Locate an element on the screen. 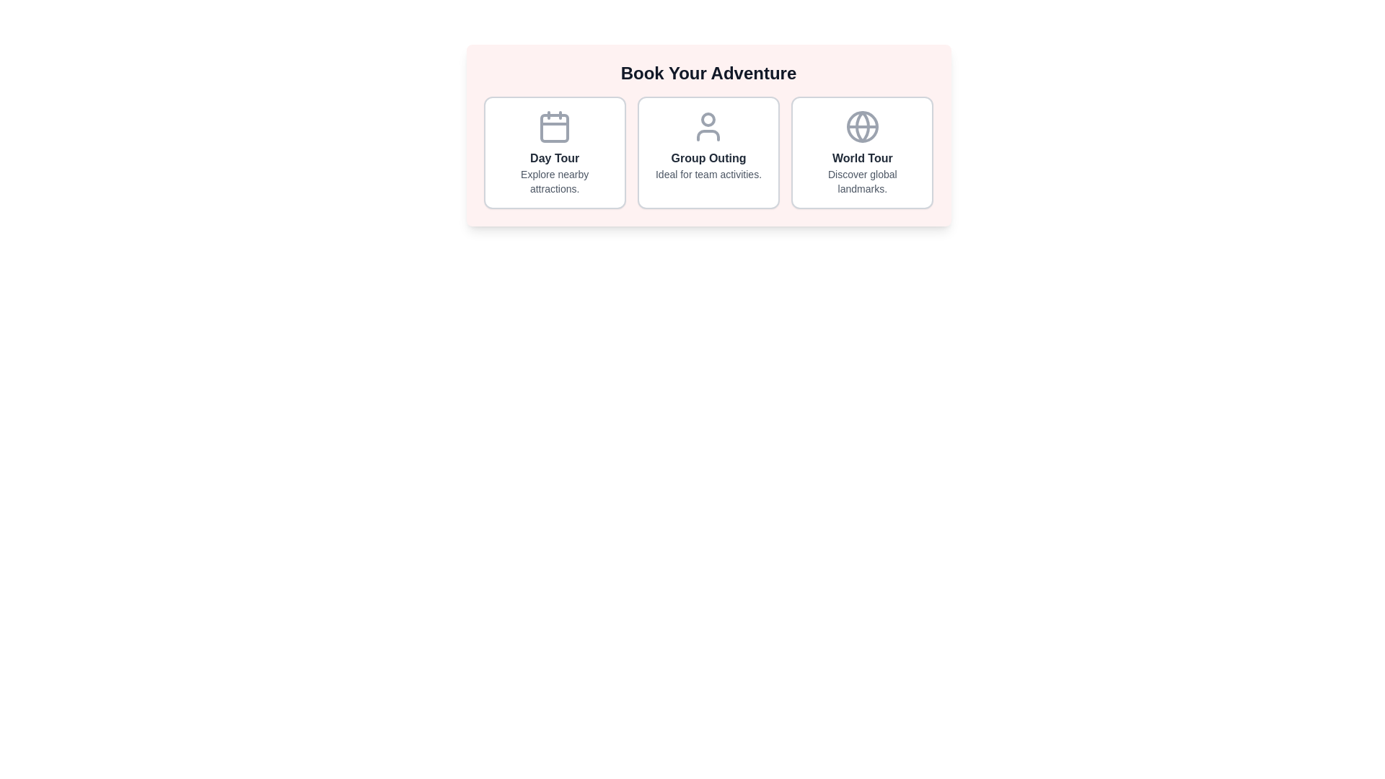 This screenshot has width=1385, height=779. the innermost circular component of the globe icon in the third card of the 'Book Your Adventure' selection section is located at coordinates (862, 126).